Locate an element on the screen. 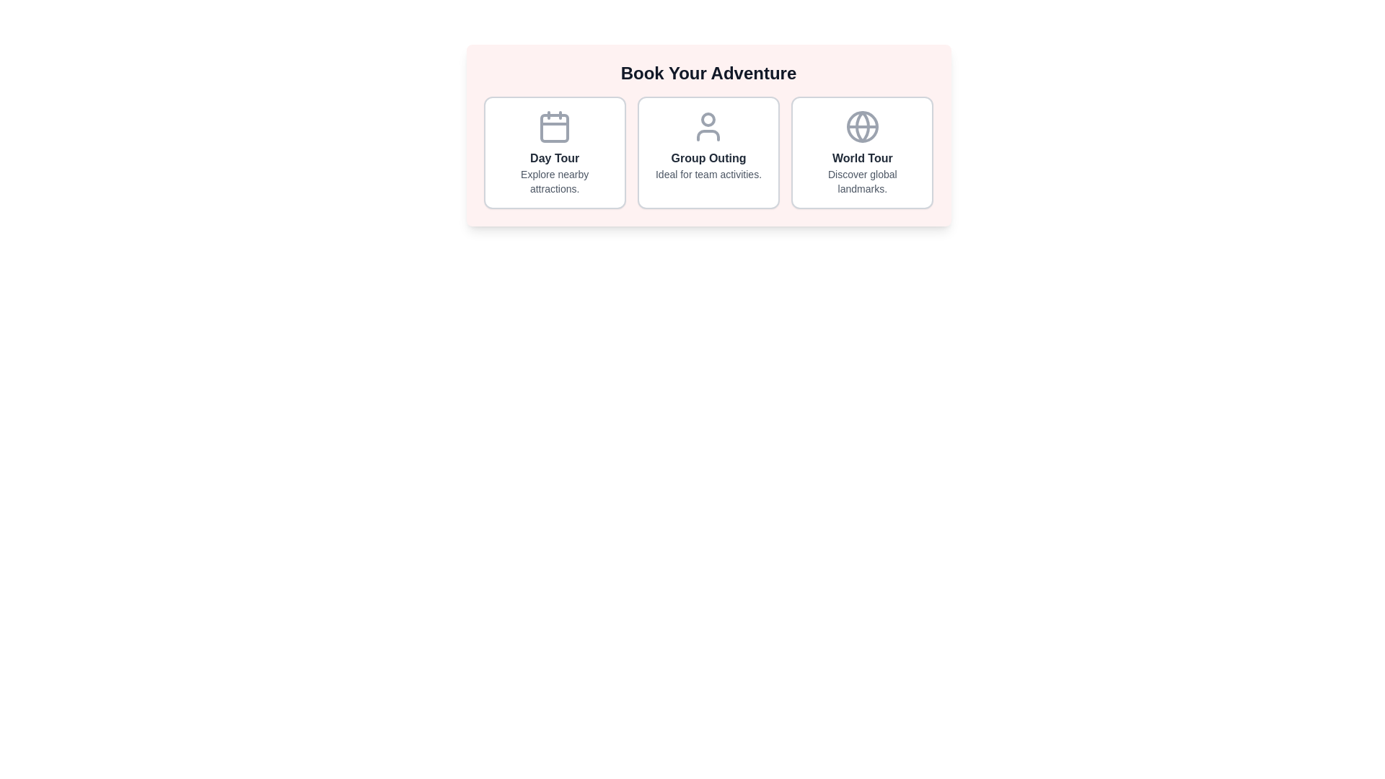 This screenshot has width=1385, height=779. the innermost circular component of the globe icon in the third card of the 'Book Your Adventure' selection section is located at coordinates (862, 126).